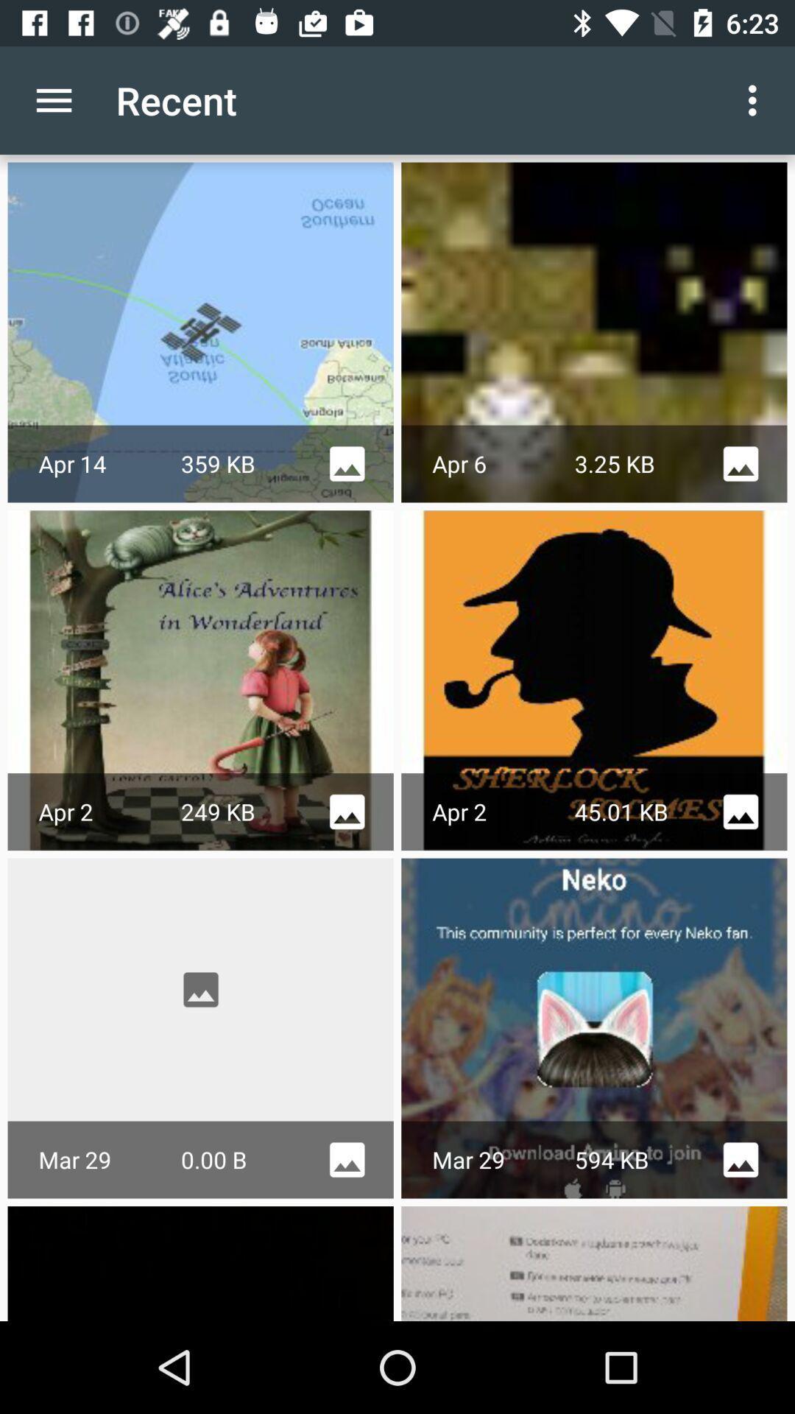 Image resolution: width=795 pixels, height=1414 pixels. What do you see at coordinates (53, 99) in the screenshot?
I see `icon next to the recent icon` at bounding box center [53, 99].